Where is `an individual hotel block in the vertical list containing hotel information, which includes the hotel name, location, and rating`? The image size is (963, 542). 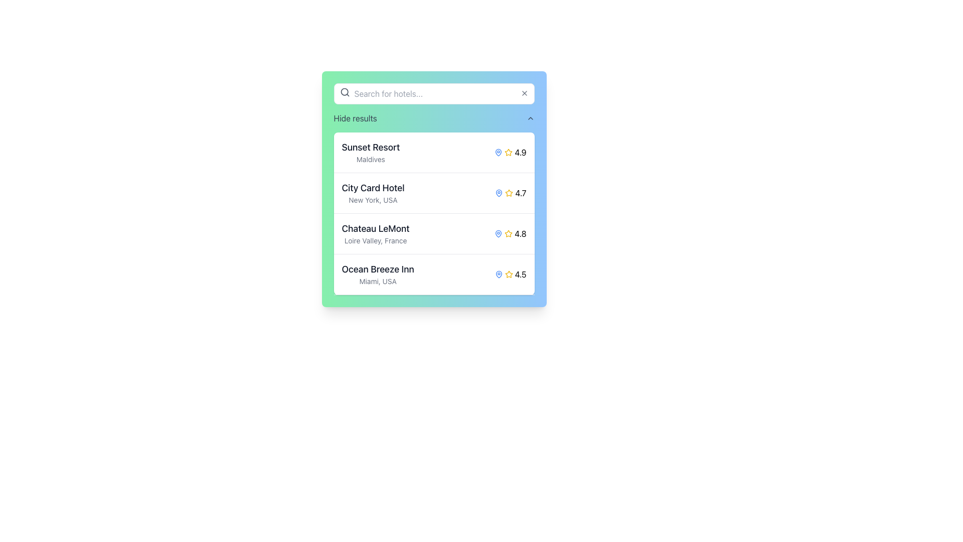 an individual hotel block in the vertical list containing hotel information, which includes the hotel name, location, and rating is located at coordinates (434, 213).